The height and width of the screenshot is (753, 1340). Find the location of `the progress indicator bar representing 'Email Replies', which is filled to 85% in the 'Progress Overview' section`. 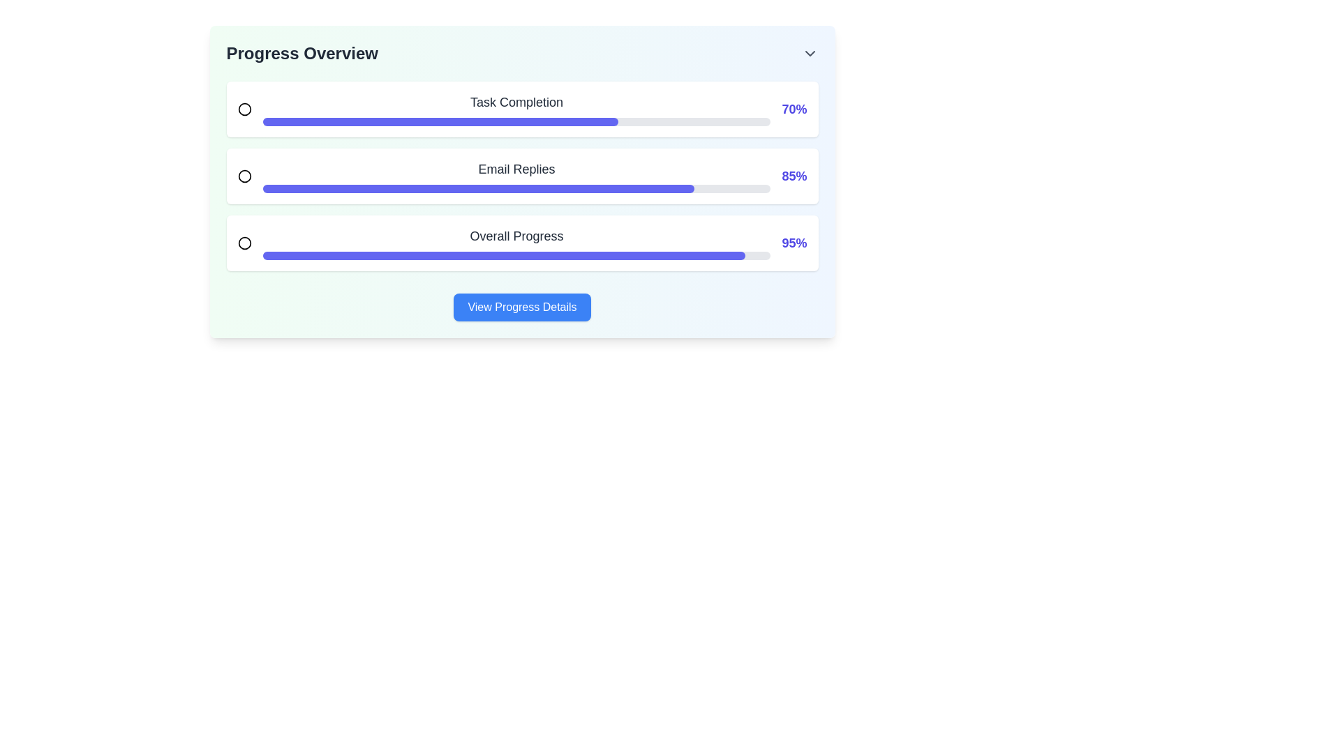

the progress indicator bar representing 'Email Replies', which is filled to 85% in the 'Progress Overview' section is located at coordinates (478, 188).